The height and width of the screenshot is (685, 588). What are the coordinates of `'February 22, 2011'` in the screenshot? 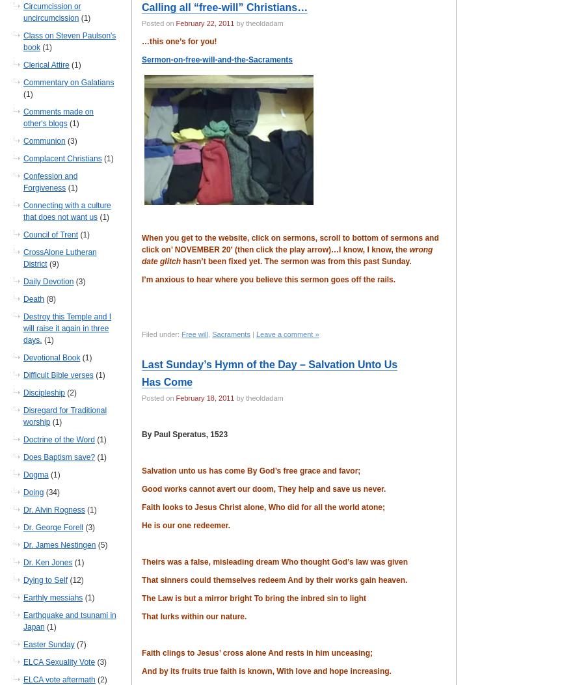 It's located at (205, 23).